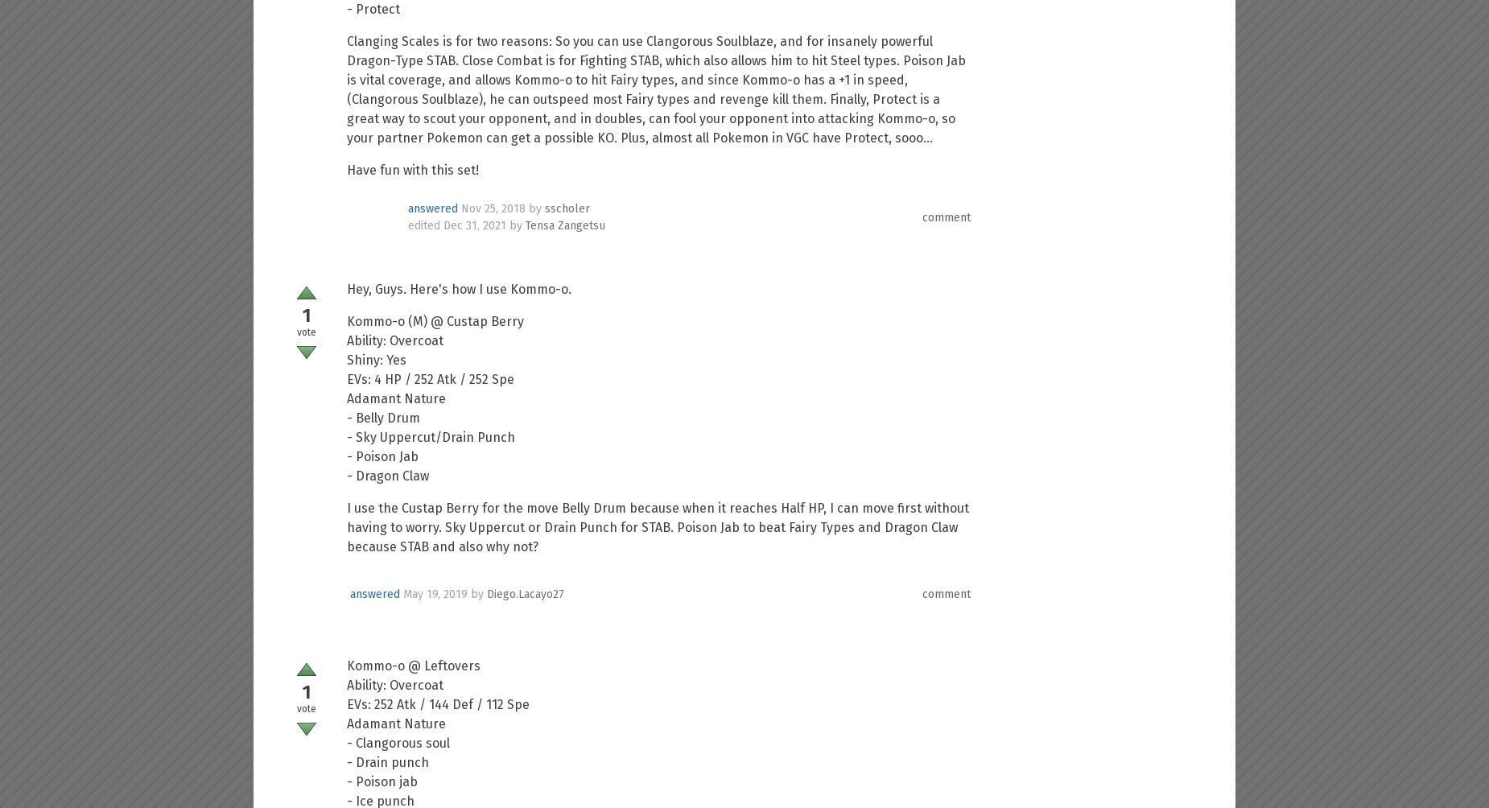 The image size is (1489, 808). Describe the element at coordinates (565, 225) in the screenshot. I see `'Tensa Zangetsu'` at that location.